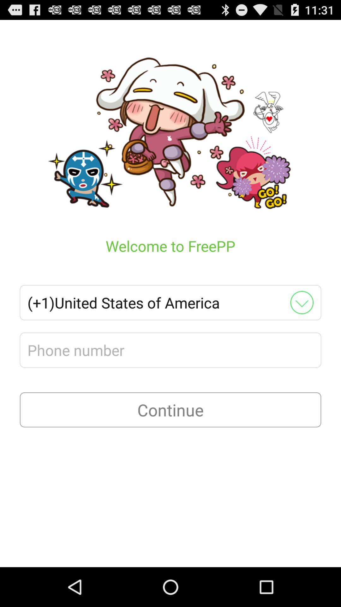 This screenshot has height=607, width=341. I want to click on phone number, so click(170, 350).